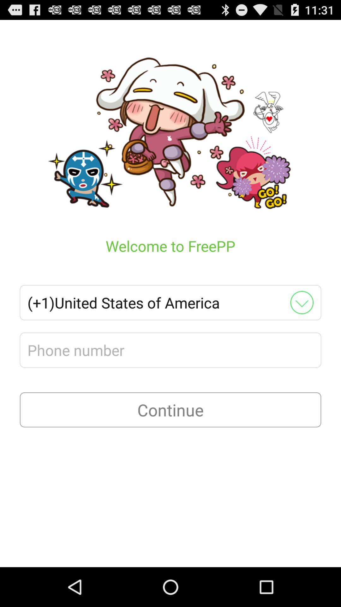 This screenshot has height=607, width=341. I want to click on phone number, so click(170, 350).